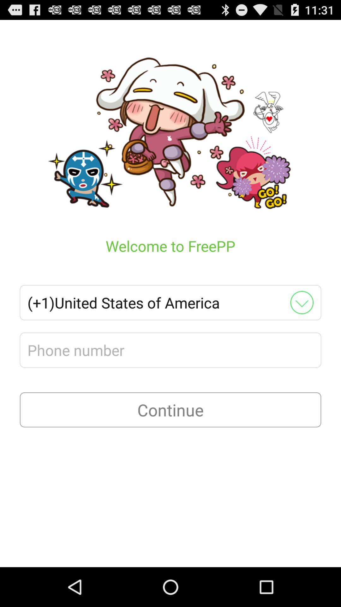 This screenshot has height=607, width=341. I want to click on phone number, so click(170, 350).